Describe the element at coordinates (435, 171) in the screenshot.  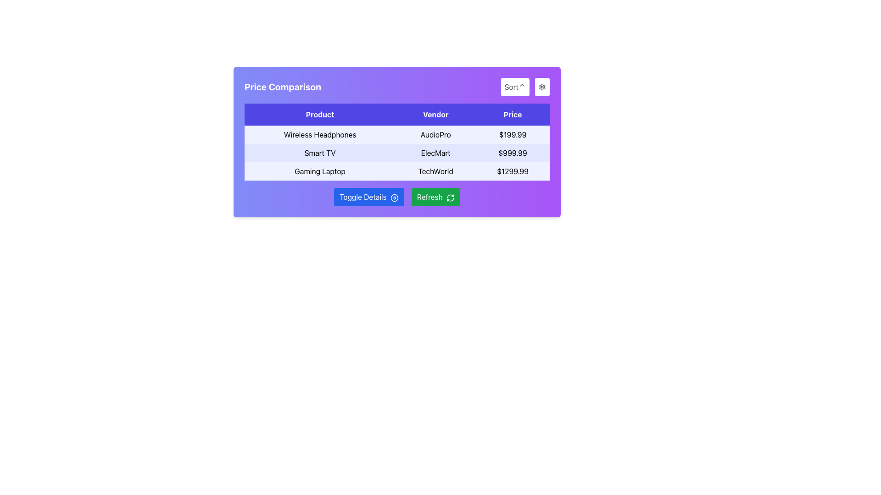
I see `the Text Label in the third row of the 'Price Comparison' table under the 'Vendor' column, which identifies the vendor associated with the product` at that location.